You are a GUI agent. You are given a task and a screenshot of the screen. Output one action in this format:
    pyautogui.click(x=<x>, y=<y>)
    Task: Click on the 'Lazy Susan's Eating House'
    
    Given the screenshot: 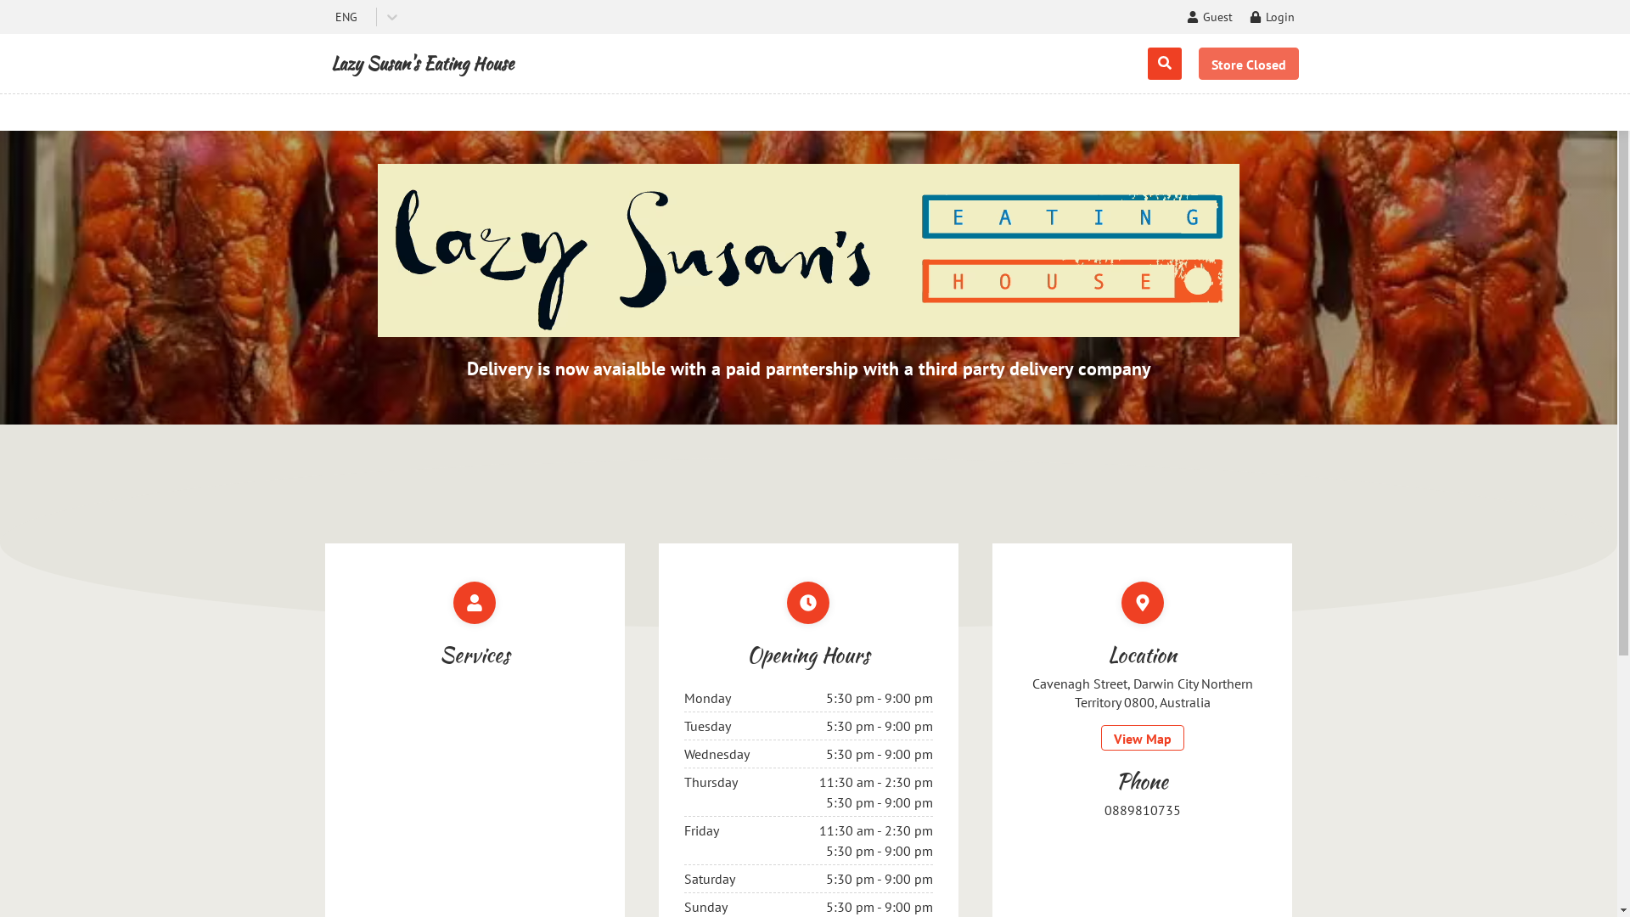 What is the action you would take?
    pyautogui.click(x=422, y=62)
    